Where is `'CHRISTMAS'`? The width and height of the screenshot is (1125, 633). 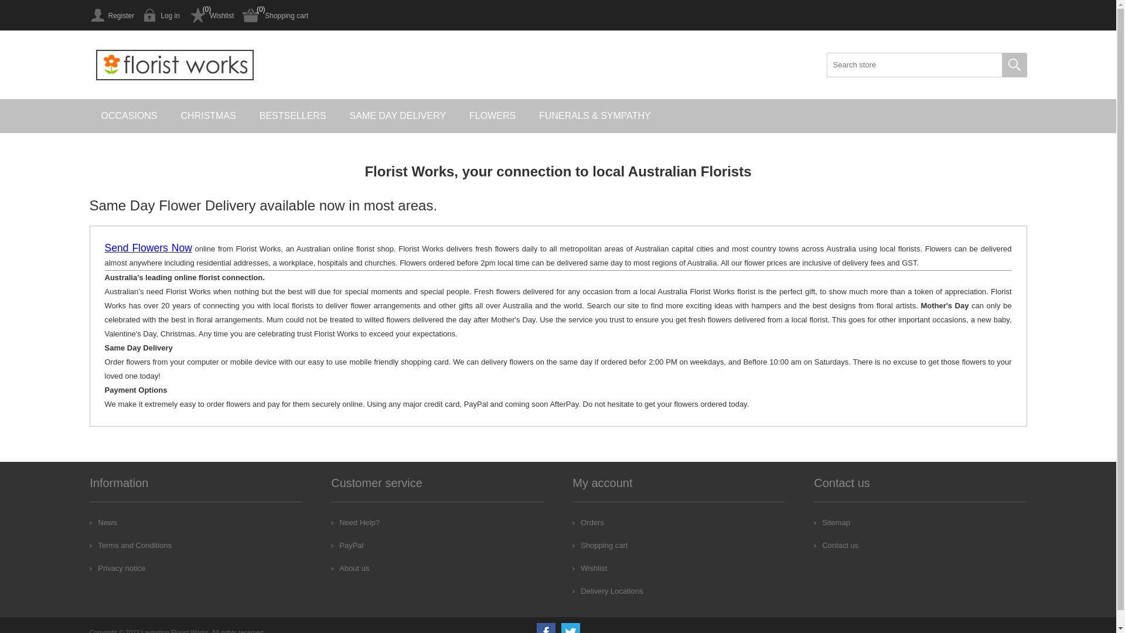
'CHRISTMAS' is located at coordinates (208, 115).